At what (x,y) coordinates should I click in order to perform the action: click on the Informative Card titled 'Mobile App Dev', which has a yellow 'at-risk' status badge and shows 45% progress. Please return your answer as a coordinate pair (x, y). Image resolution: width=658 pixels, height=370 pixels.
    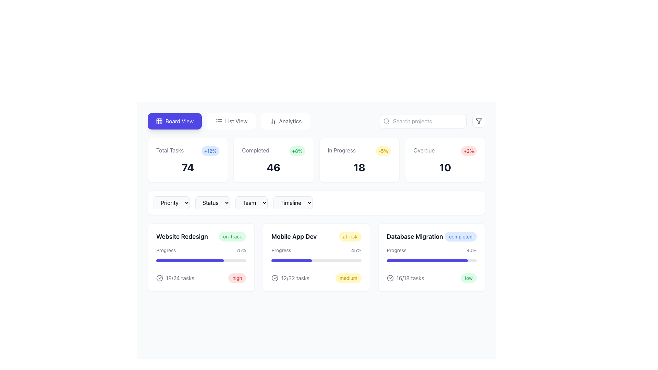
    Looking at the image, I should click on (316, 257).